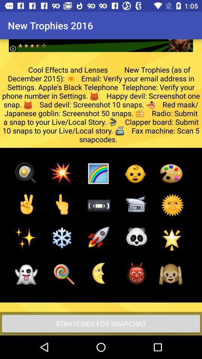 This screenshot has width=202, height=359. What do you see at coordinates (101, 40) in the screenshot?
I see `the icon above cool effects and icon` at bounding box center [101, 40].